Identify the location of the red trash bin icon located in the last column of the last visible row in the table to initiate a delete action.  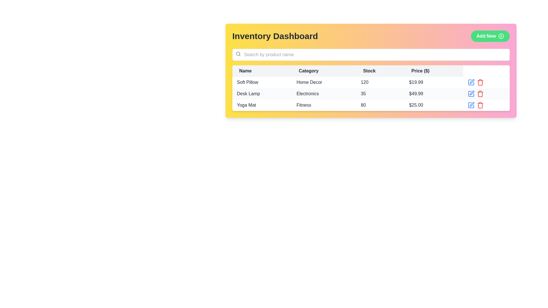
(480, 82).